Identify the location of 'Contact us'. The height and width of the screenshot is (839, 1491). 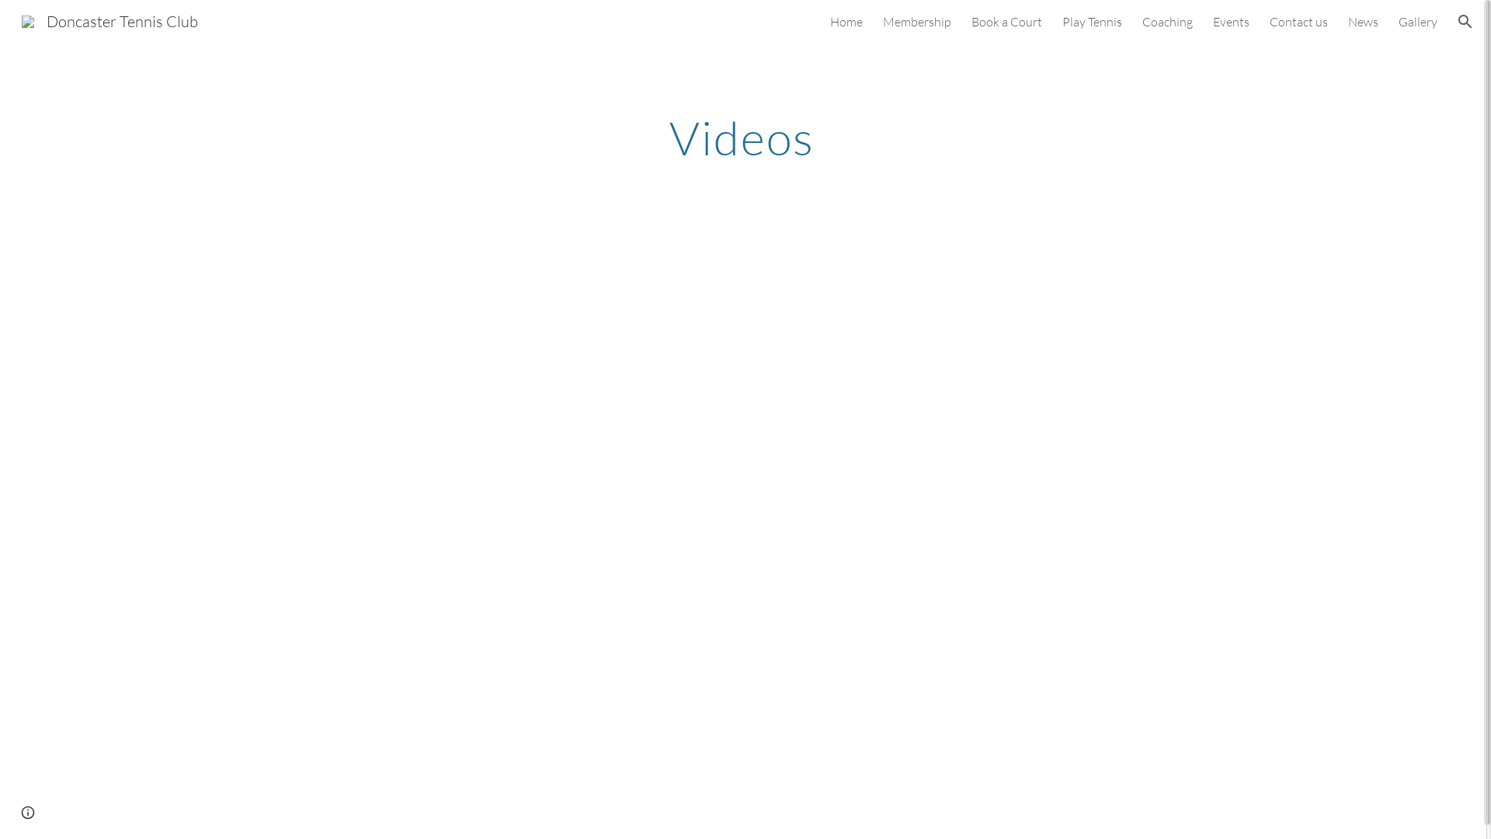
(1298, 21).